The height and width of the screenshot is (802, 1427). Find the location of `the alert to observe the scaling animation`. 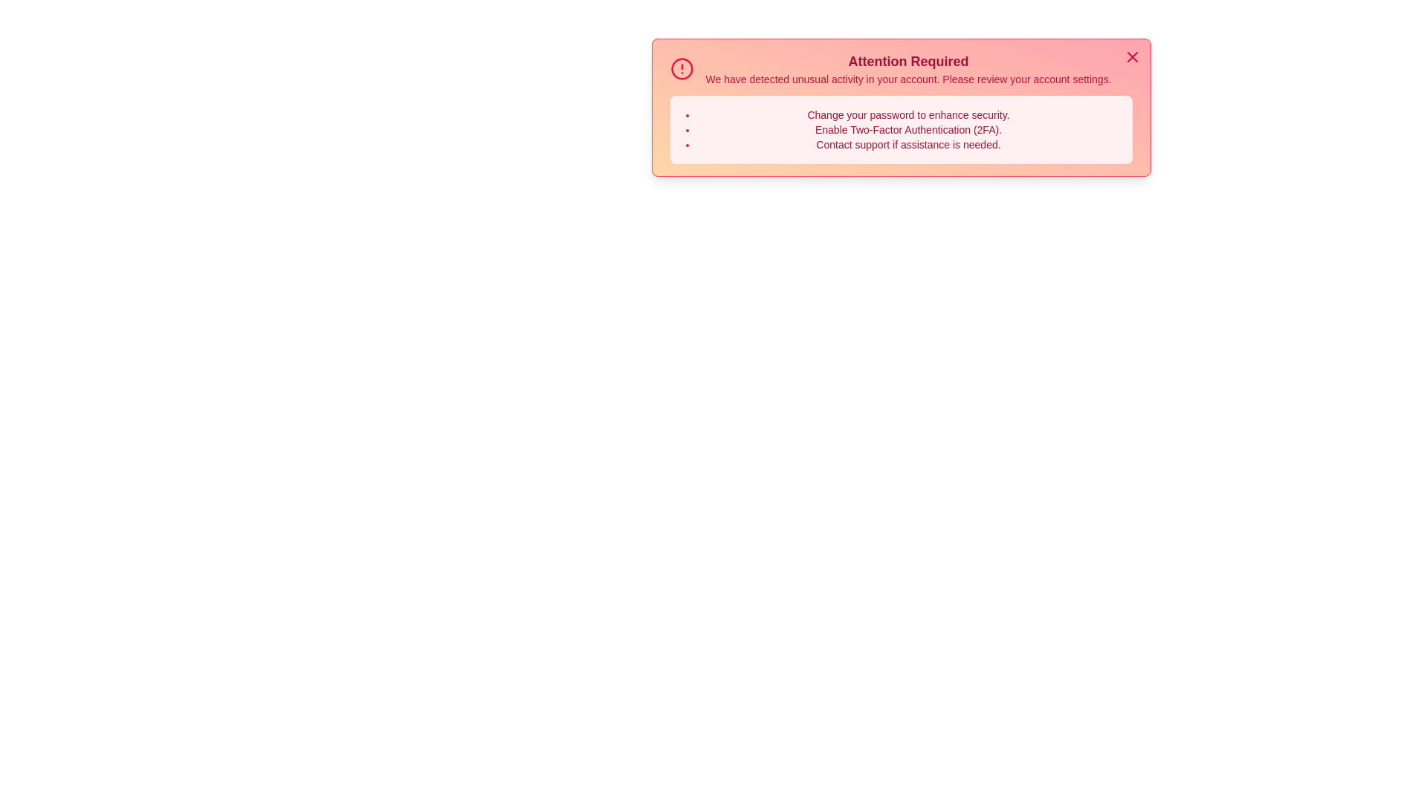

the alert to observe the scaling animation is located at coordinates (900, 107).